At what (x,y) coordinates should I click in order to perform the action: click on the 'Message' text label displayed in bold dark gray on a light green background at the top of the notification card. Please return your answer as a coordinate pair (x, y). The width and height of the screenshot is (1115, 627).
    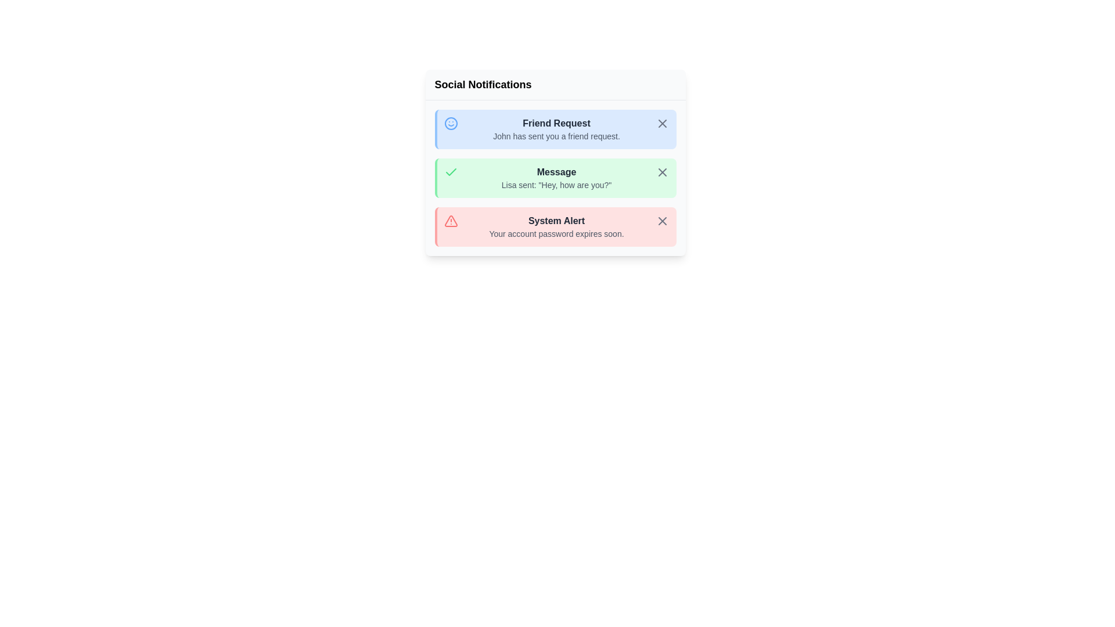
    Looking at the image, I should click on (556, 172).